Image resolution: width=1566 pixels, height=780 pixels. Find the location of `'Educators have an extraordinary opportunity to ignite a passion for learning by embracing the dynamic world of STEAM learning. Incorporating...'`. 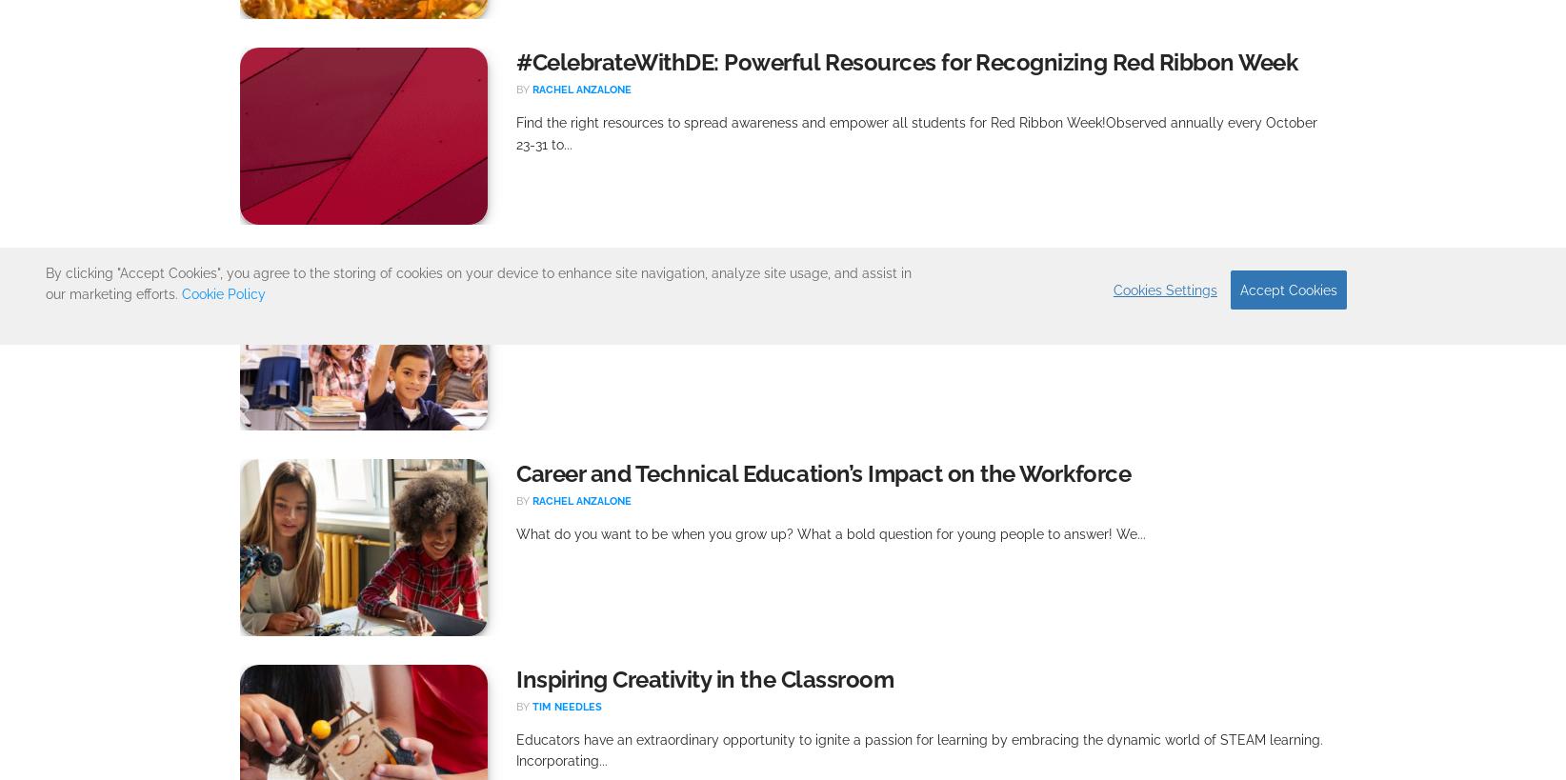

'Educators have an extraordinary opportunity to ignite a passion for learning by embracing the dynamic world of STEAM learning. Incorporating...' is located at coordinates (918, 750).